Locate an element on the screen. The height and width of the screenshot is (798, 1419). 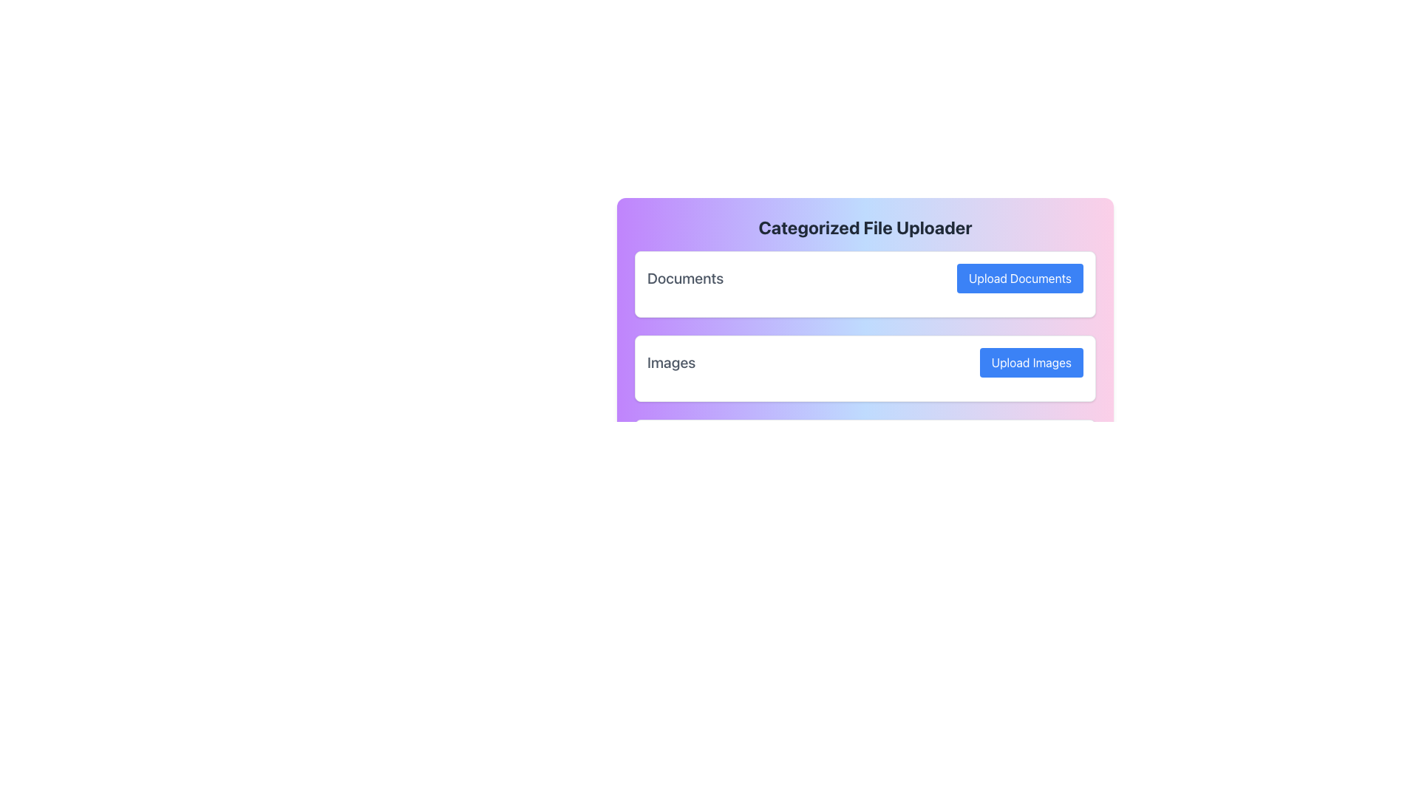
the second button aligned to the right of the 'Images' label is located at coordinates (1030, 362).